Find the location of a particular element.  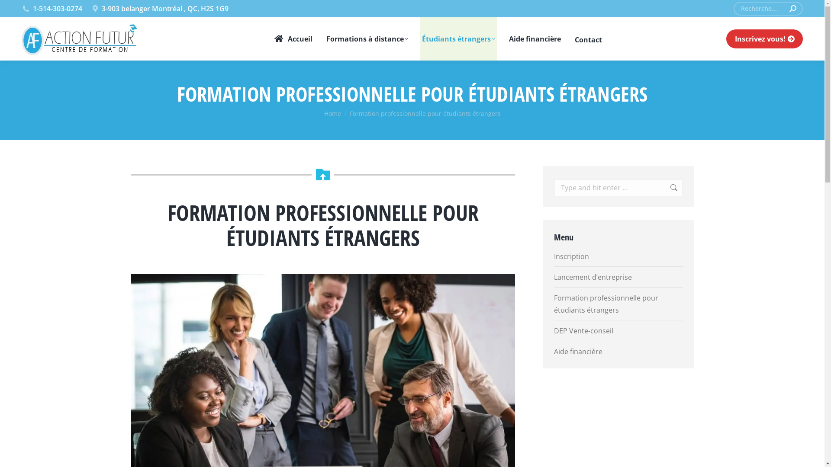

'Inscription' is located at coordinates (554, 256).